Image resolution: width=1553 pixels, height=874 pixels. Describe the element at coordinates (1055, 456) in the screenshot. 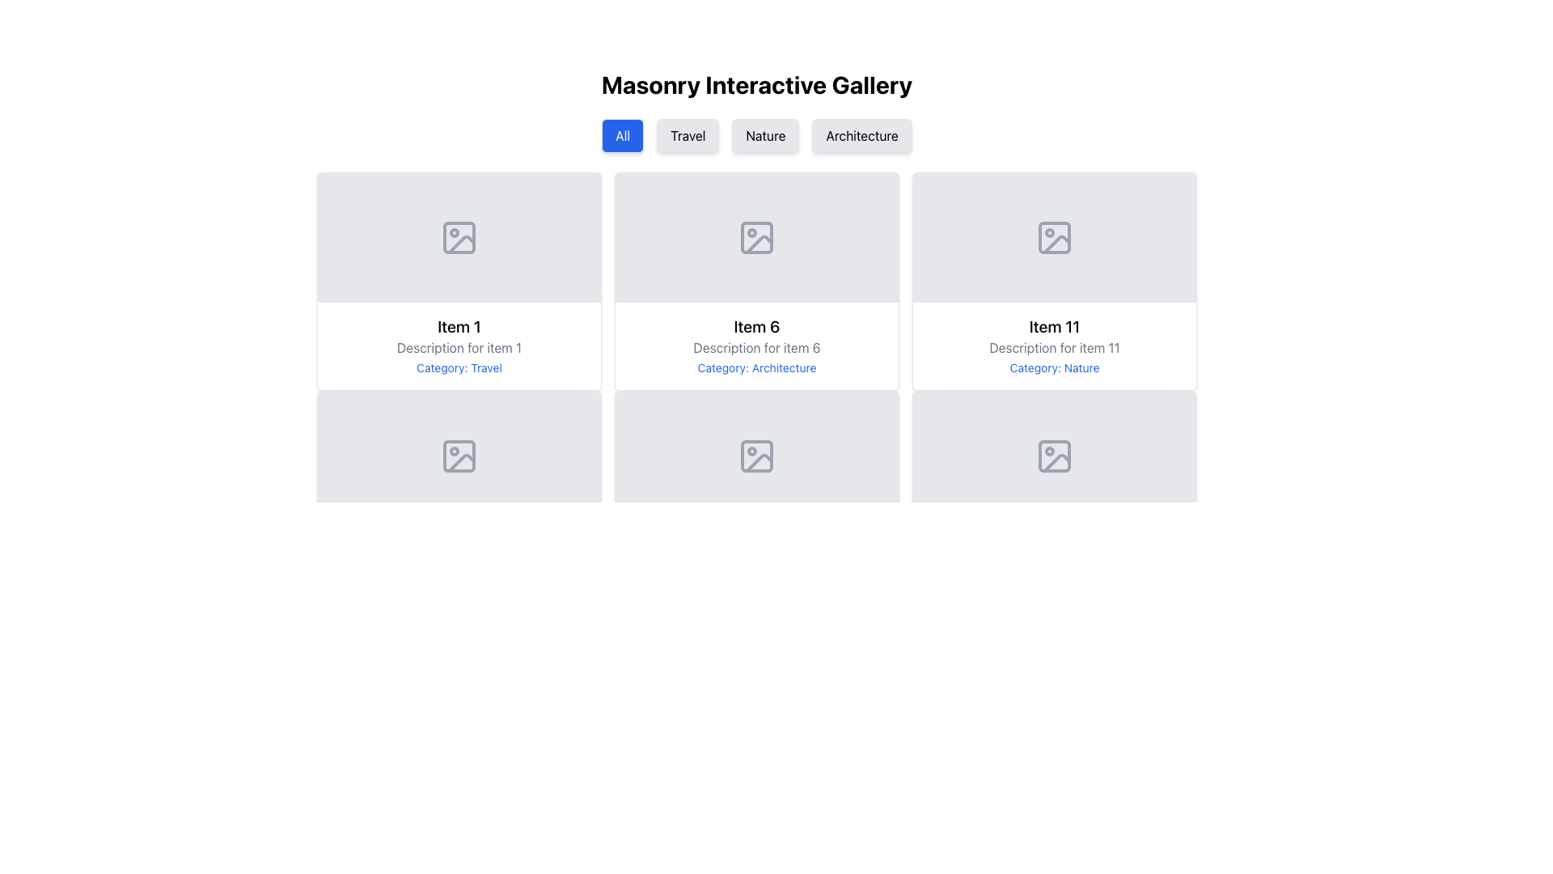

I see `the decorative graphical icon component located in the bottom row, last column of the grid layout, which is part of the 'Item 11' card` at that location.